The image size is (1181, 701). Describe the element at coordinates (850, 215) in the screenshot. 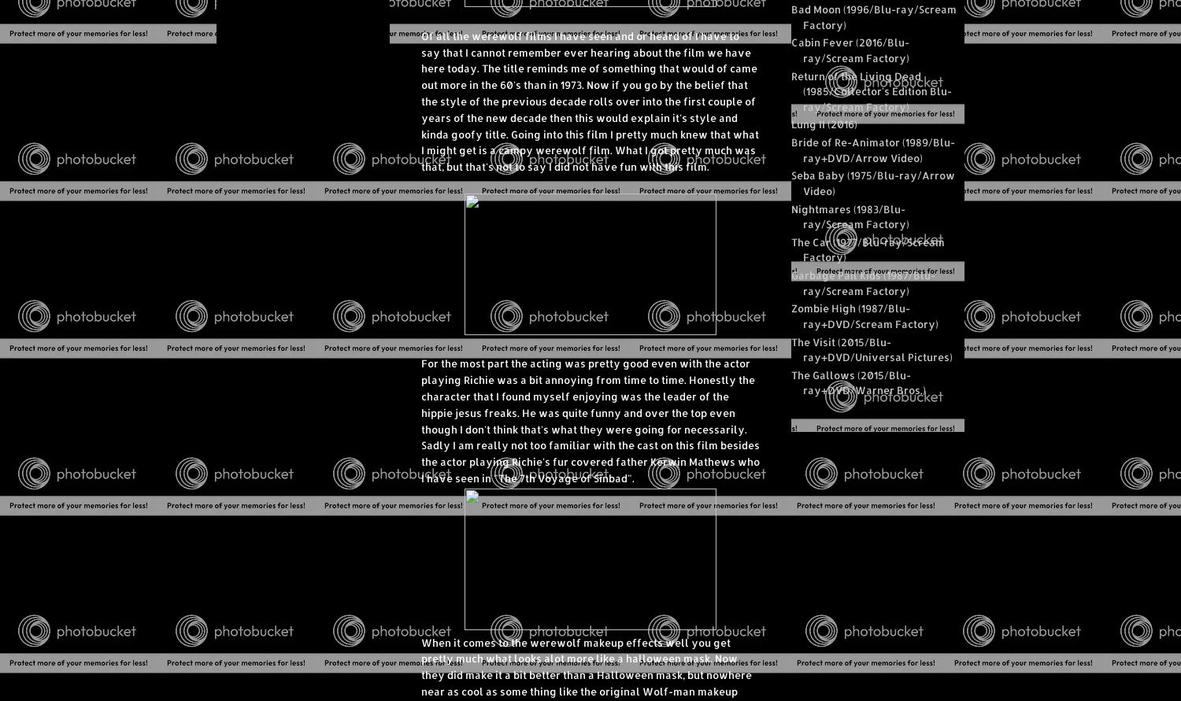

I see `'Nightmares (1983/Blu-ray/Scream Factory)'` at that location.